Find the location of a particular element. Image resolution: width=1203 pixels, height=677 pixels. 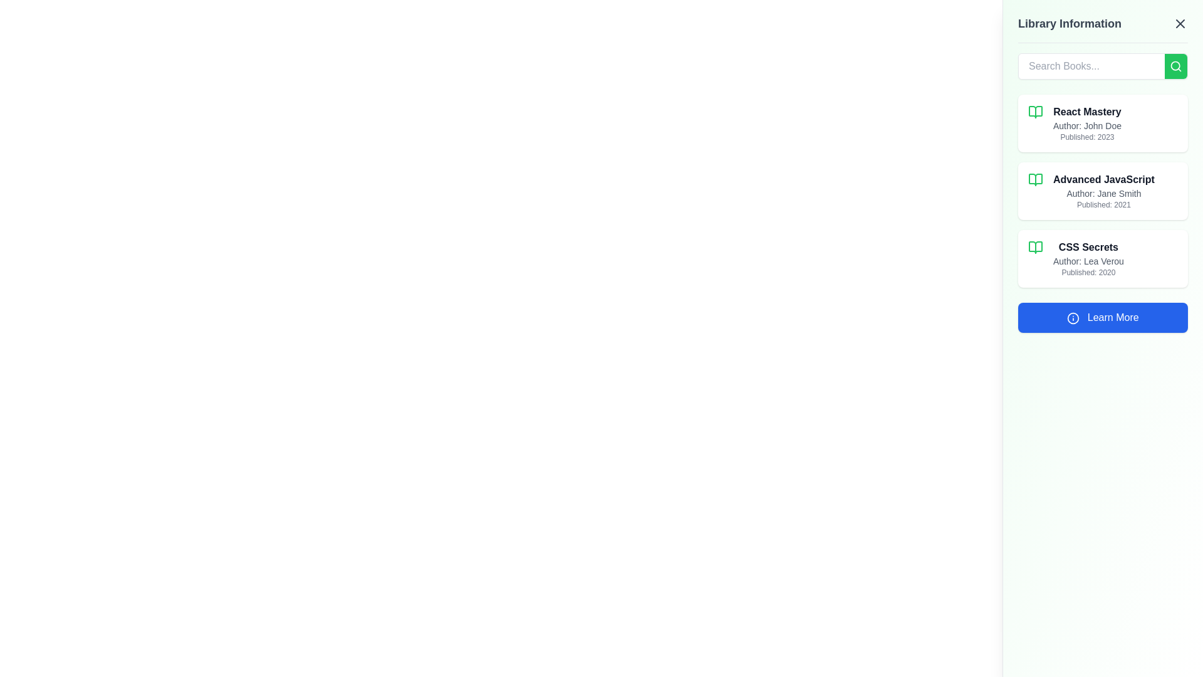

the blue rectangular button labeled 'Learn More' located at the bottom of the side panel below 'CSS Secrets' is located at coordinates (1103, 317).